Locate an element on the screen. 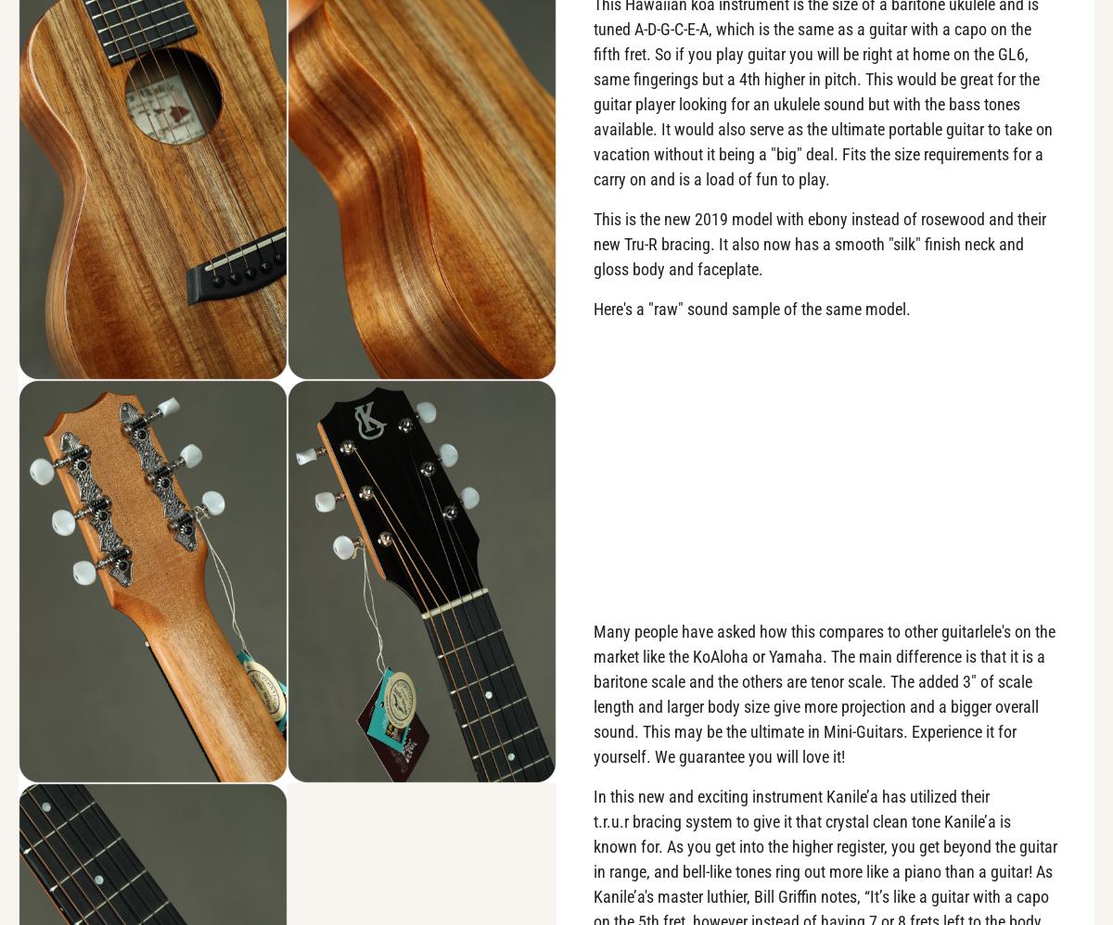 The width and height of the screenshot is (1113, 925). 'After adjusting the nut and saddle heights, high spots in the fretboard or uneven frets will potentially cause fret buzz, dead spots, or other unwanted problems. The frets are filed to create a more consistent level across the fretboard. We then crown the frets to return their rounded curvature back to the top of each fret creating a clear contact point for each string. We then smooth and polish the frets and condition the fingerboard to bring them back to new condition.' is located at coordinates (53, 730).